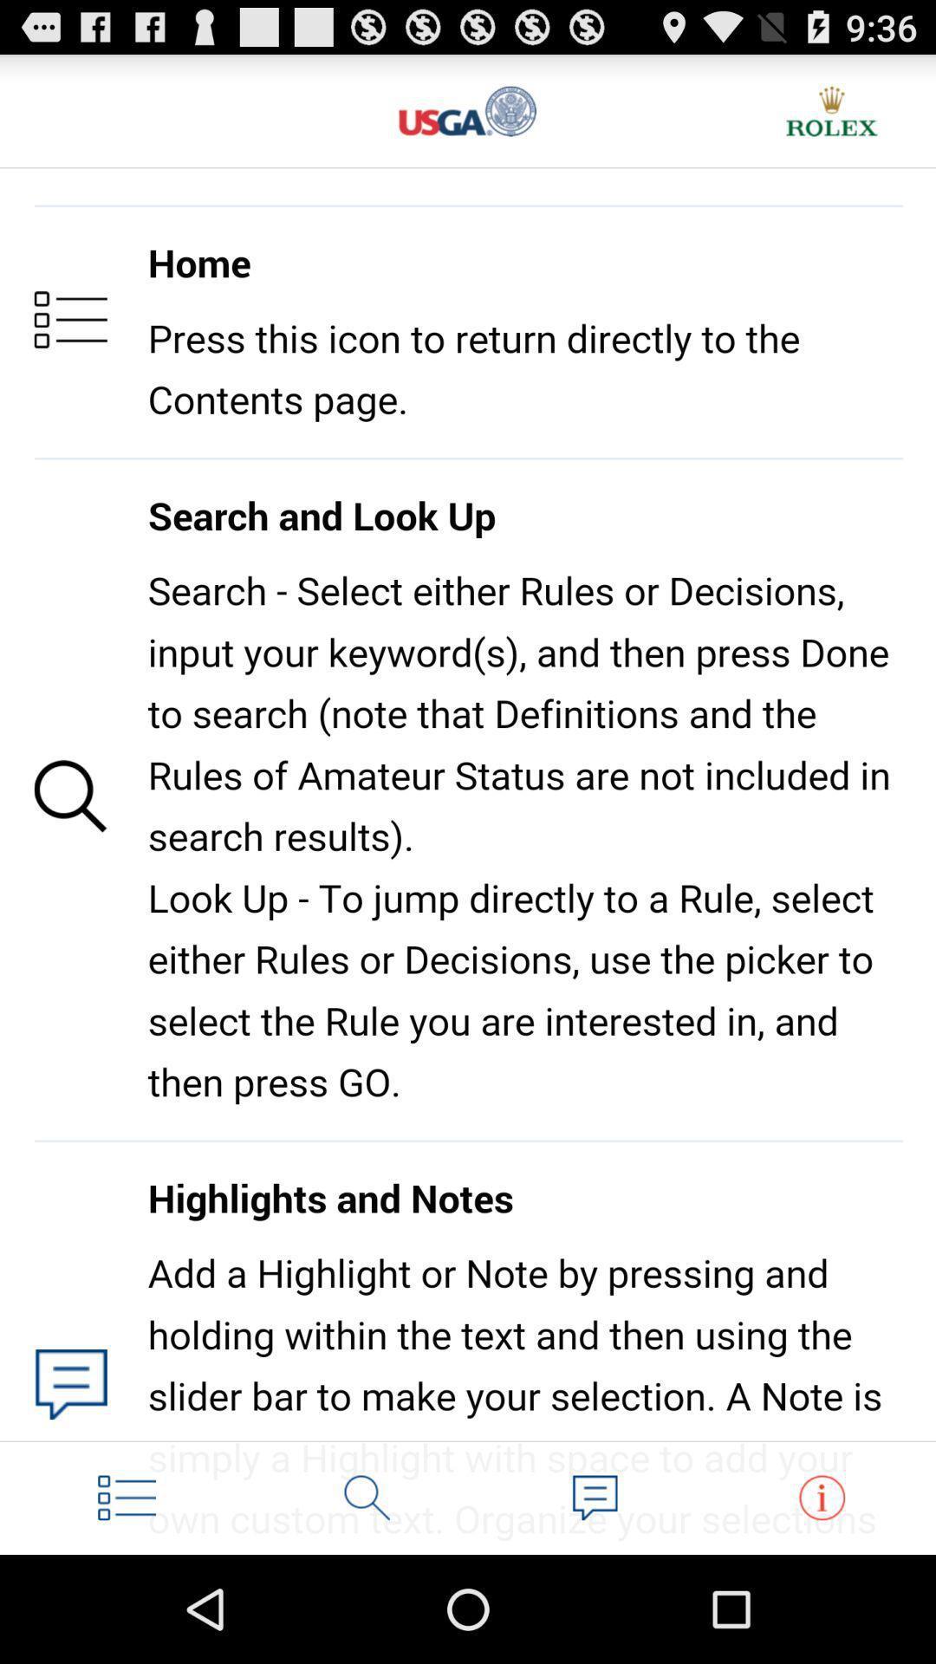  I want to click on visit rolex site, so click(831, 110).